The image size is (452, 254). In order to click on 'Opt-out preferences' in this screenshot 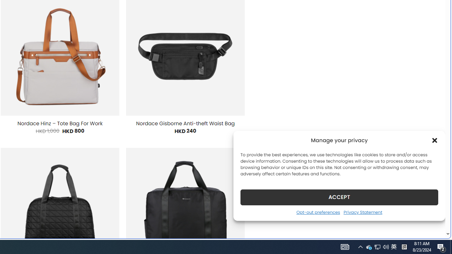, I will do `click(317, 212)`.